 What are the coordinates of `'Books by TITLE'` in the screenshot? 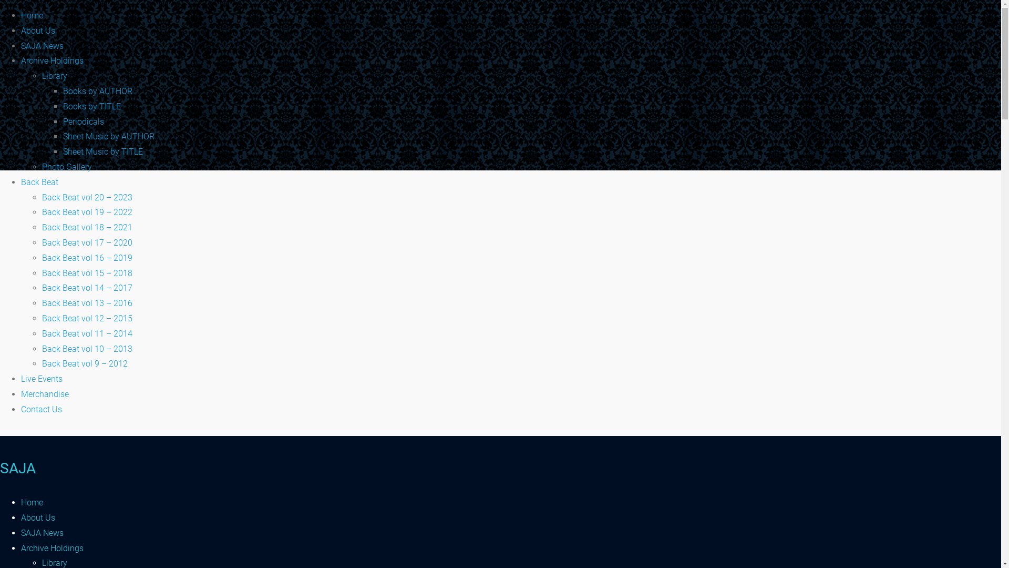 It's located at (91, 106).